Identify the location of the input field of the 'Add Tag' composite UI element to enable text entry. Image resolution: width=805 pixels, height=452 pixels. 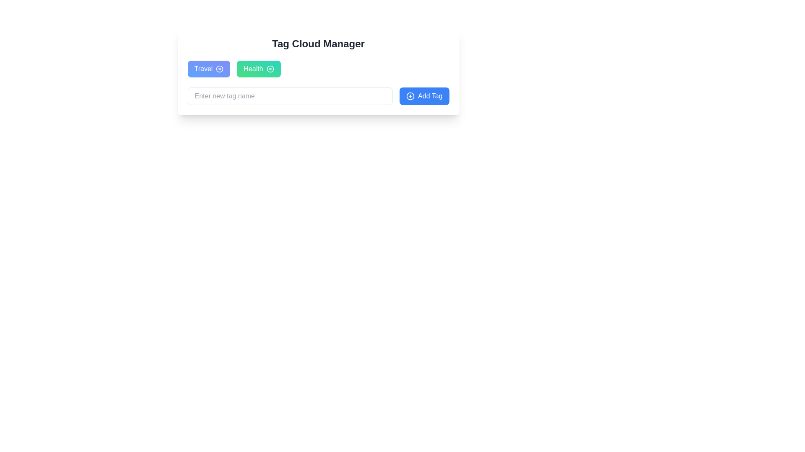
(318, 96).